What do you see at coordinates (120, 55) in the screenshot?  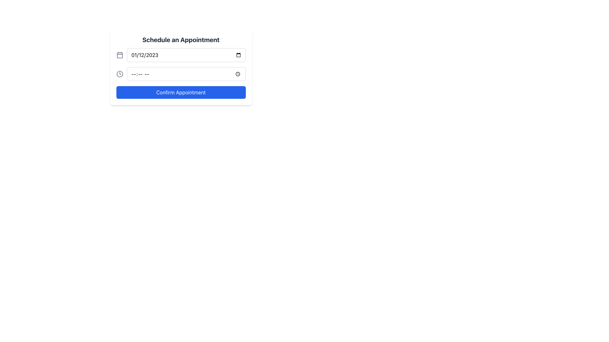 I see `the Decorative Icon Component that visually represents a calendar, located at the top-left corner of the interface, near the 'Schedule an Appointment' text` at bounding box center [120, 55].